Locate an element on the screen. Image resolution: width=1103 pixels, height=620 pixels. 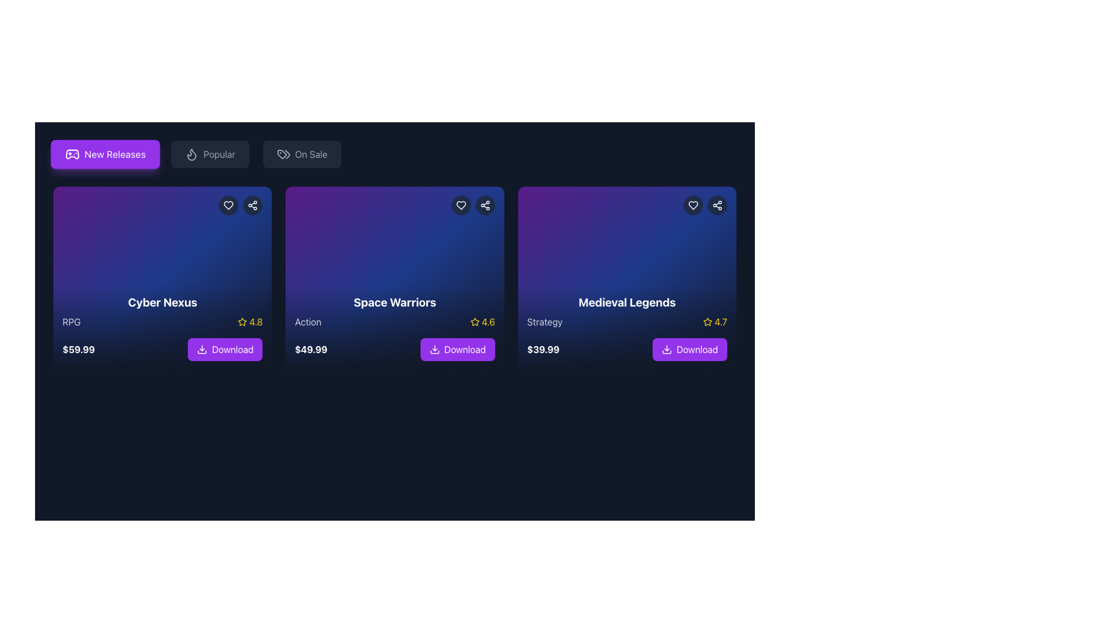
the circular gray button with a white share icon located in the top-right corner of the 'Medieval Legends' card is located at coordinates (716, 205).